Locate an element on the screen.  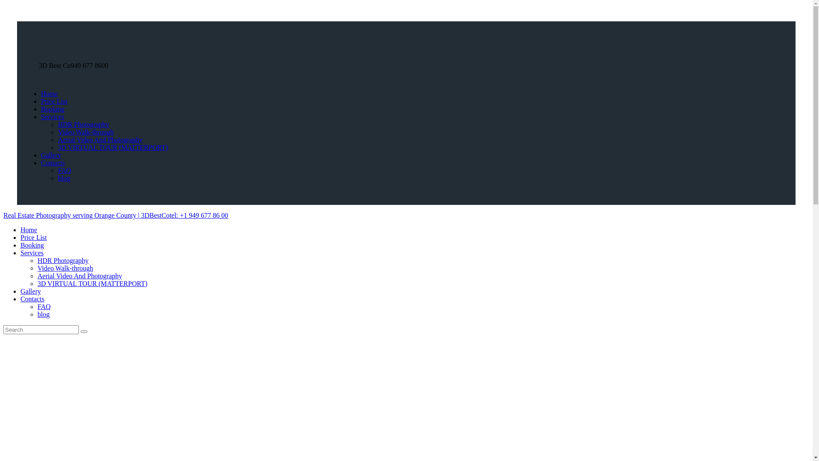
'Contacts' is located at coordinates (52, 163).